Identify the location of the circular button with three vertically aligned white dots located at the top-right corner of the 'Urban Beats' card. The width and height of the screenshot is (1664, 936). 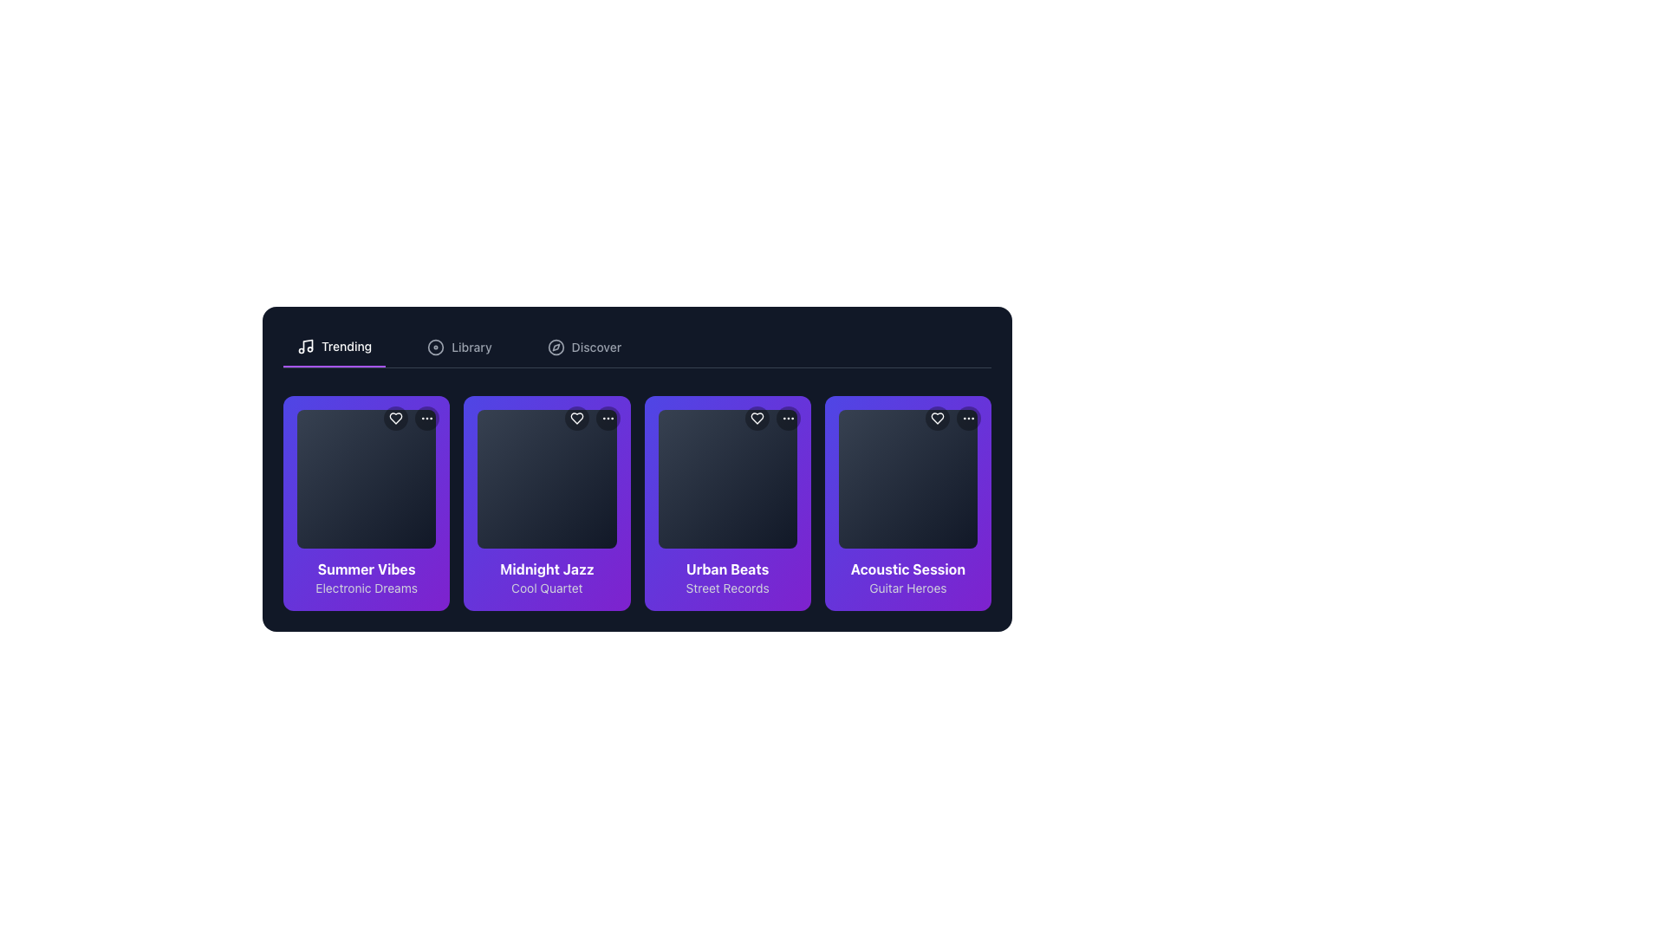
(787, 418).